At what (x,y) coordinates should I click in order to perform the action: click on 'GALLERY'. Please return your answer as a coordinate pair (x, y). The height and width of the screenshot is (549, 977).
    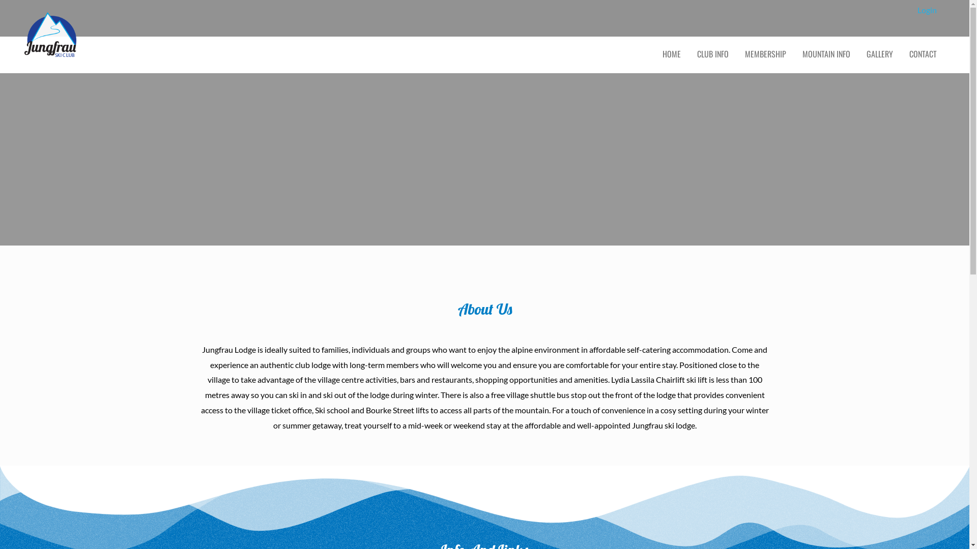
    Looking at the image, I should click on (857, 53).